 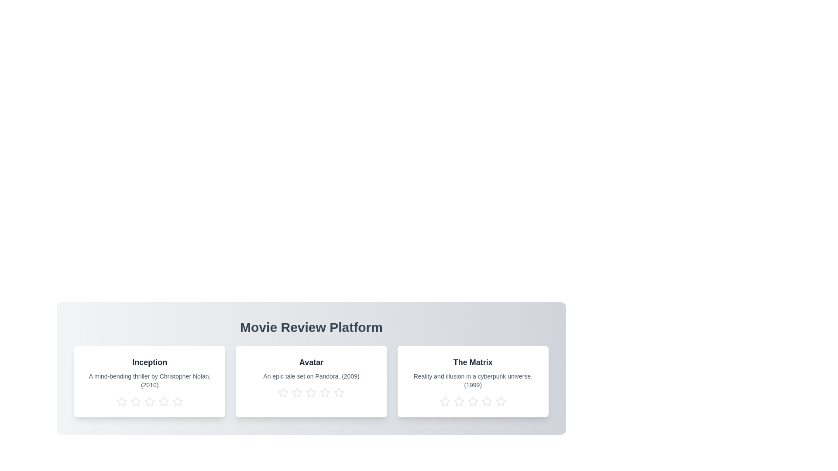 What do you see at coordinates (121, 402) in the screenshot?
I see `the star corresponding to 1 stars for the movie titled Inception` at bounding box center [121, 402].